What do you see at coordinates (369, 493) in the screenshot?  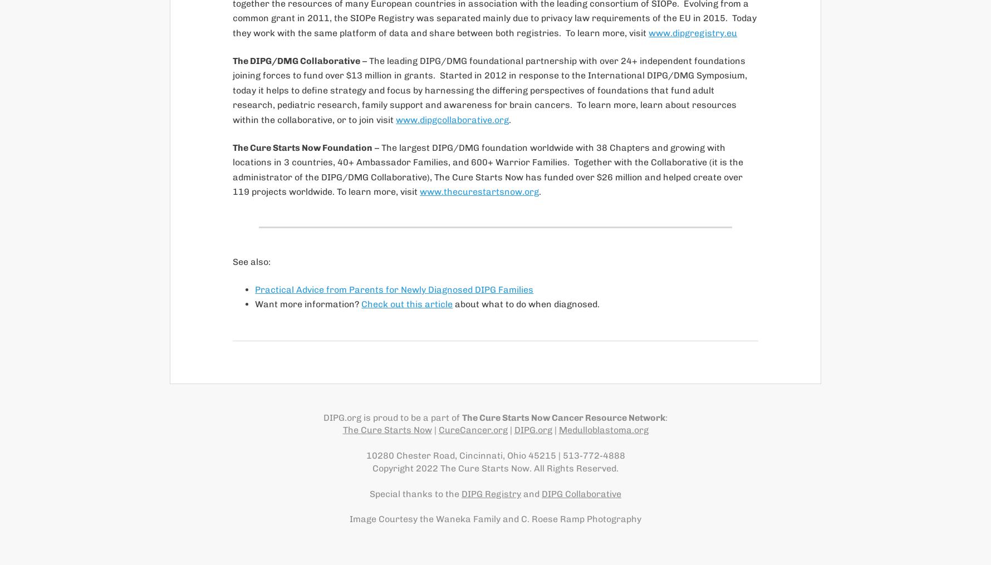 I see `'Special thanks to the'` at bounding box center [369, 493].